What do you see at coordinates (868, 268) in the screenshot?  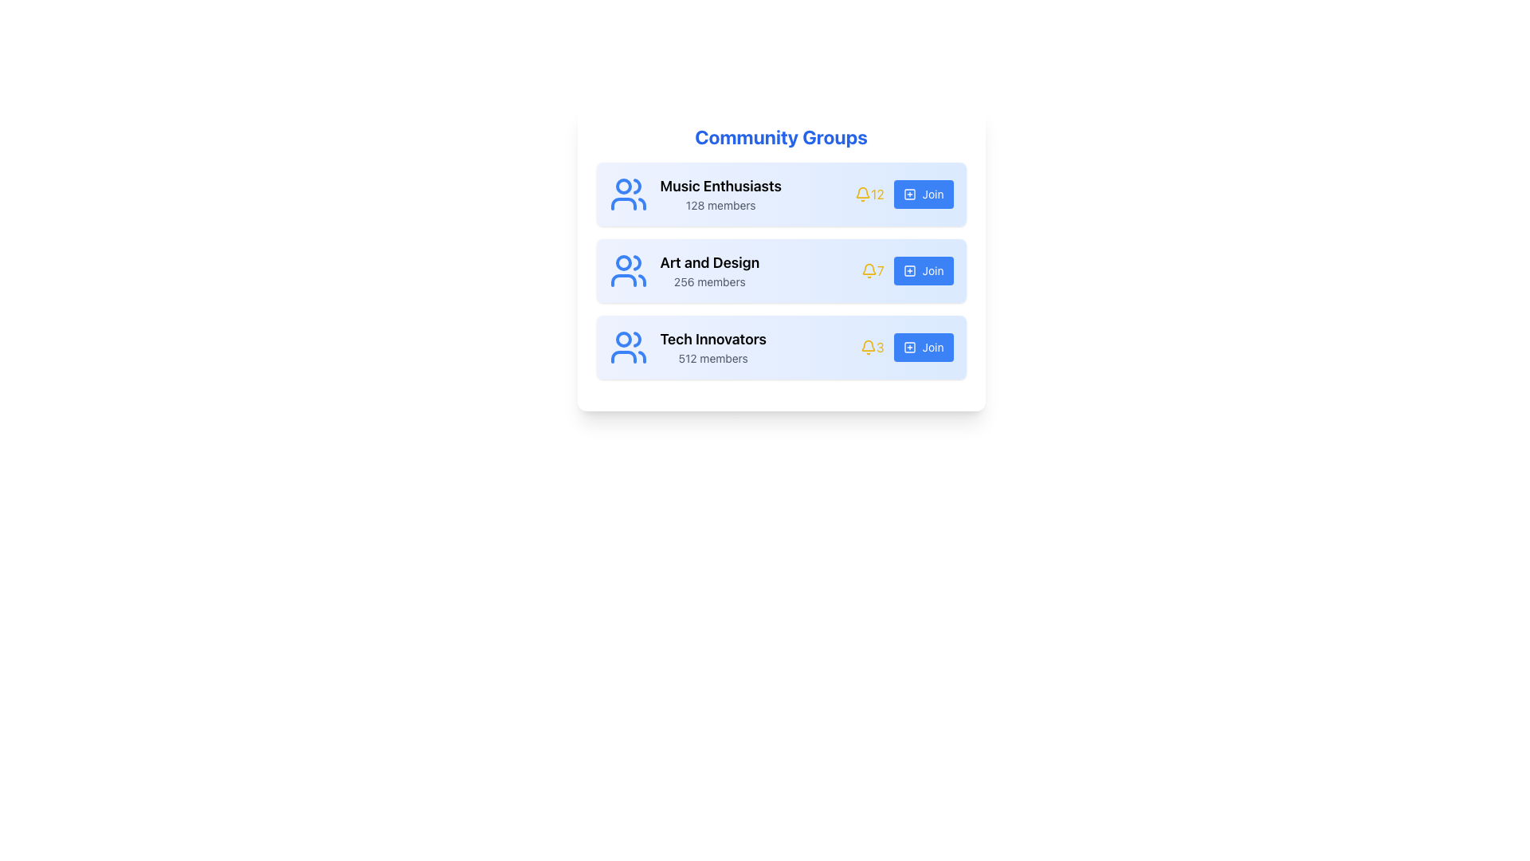 I see `the bell icon, which symbolizes notifications, located to the right of the 'Art and Design' list item in the center row of the group listing` at bounding box center [868, 268].